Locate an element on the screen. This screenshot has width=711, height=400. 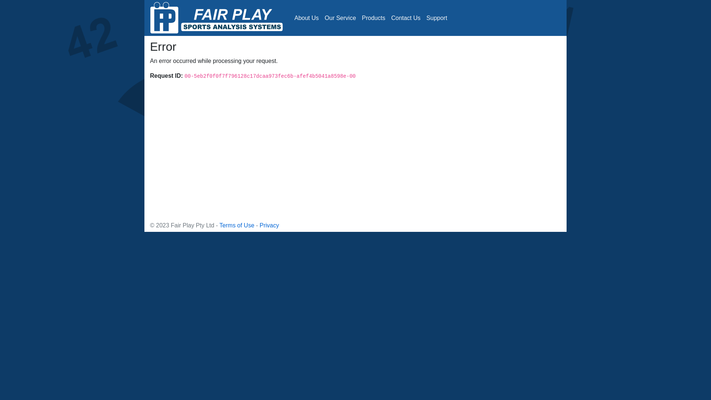
'Support' is located at coordinates (437, 17).